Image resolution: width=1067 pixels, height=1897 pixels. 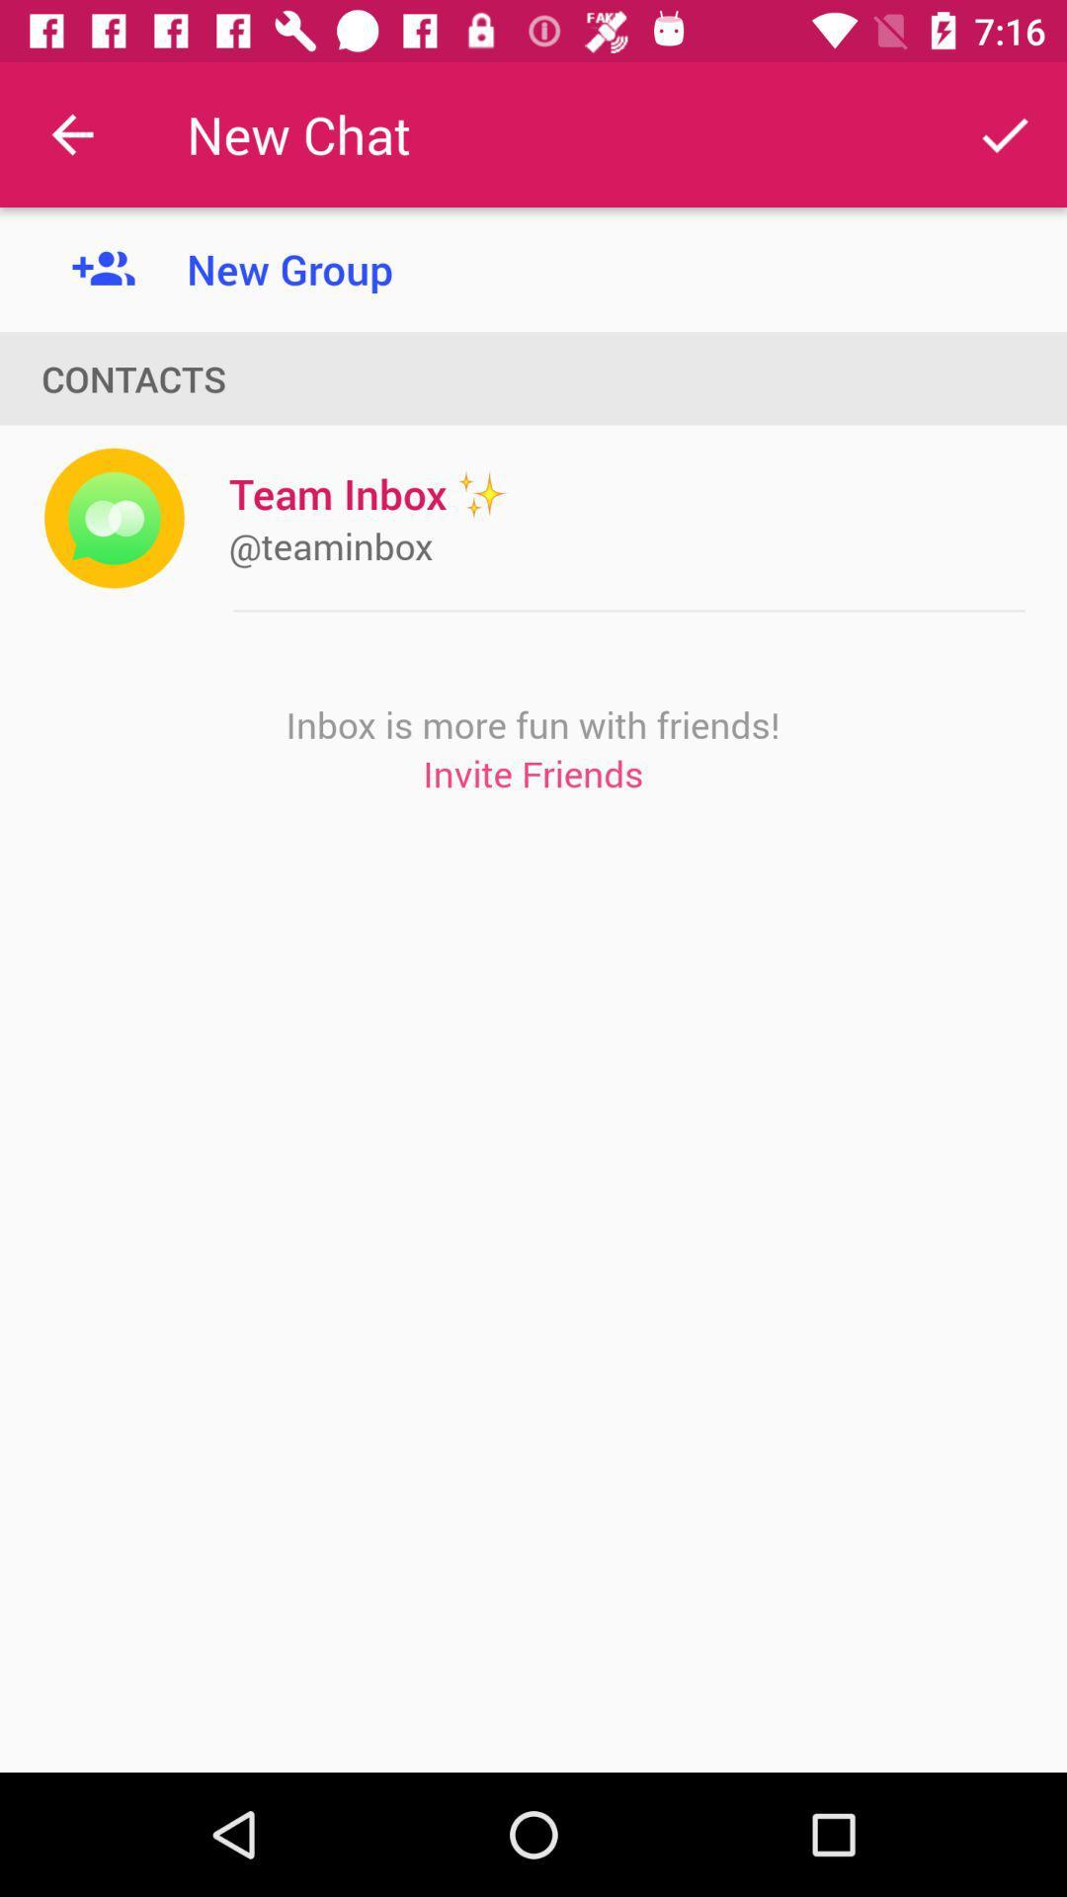 What do you see at coordinates (71, 133) in the screenshot?
I see `item next to the new group item` at bounding box center [71, 133].